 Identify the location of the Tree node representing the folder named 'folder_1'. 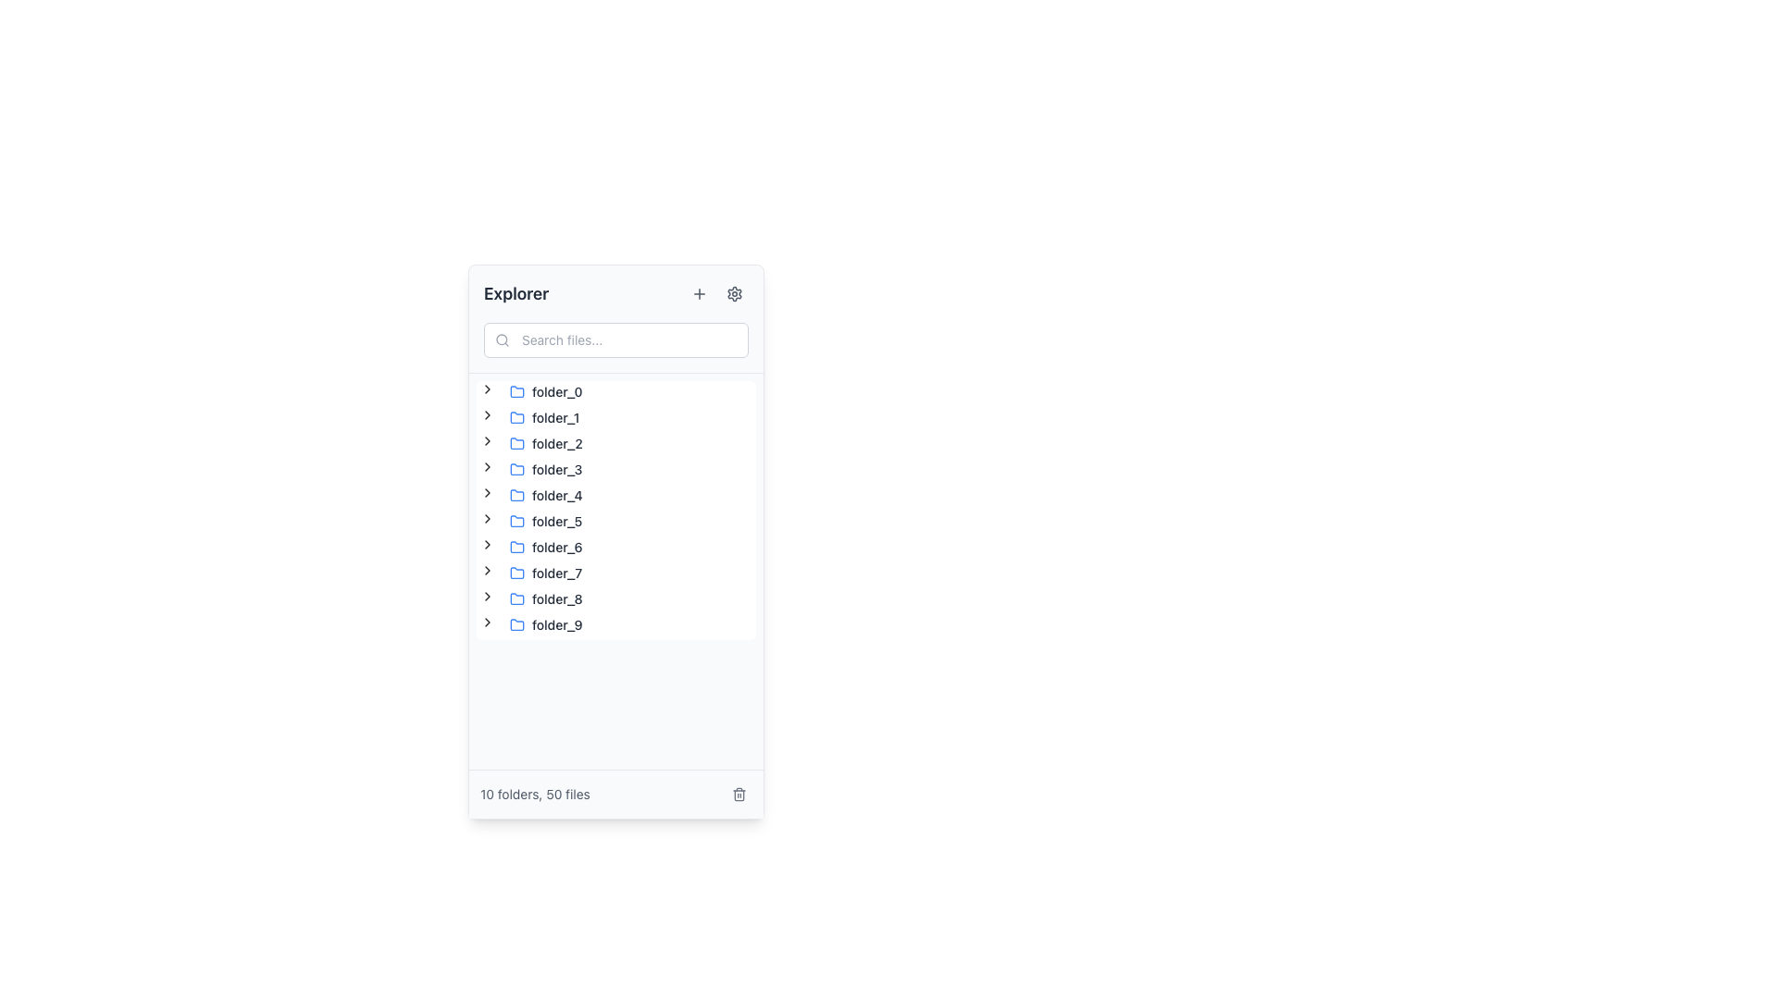
(530, 417).